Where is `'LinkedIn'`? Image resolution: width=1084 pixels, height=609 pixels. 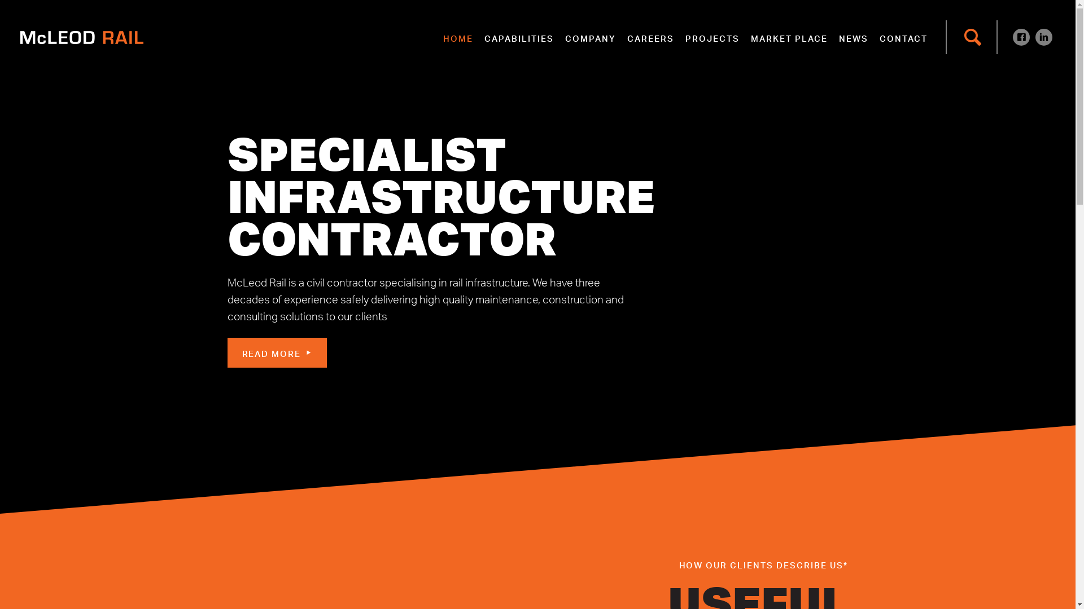
'LinkedIn' is located at coordinates (1043, 36).